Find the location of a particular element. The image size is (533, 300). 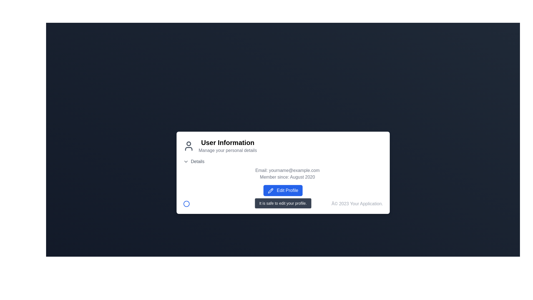

the static text label indicating additional details associated with the 'User Information' section, located to the right of the downward arrow icon is located at coordinates (197, 162).